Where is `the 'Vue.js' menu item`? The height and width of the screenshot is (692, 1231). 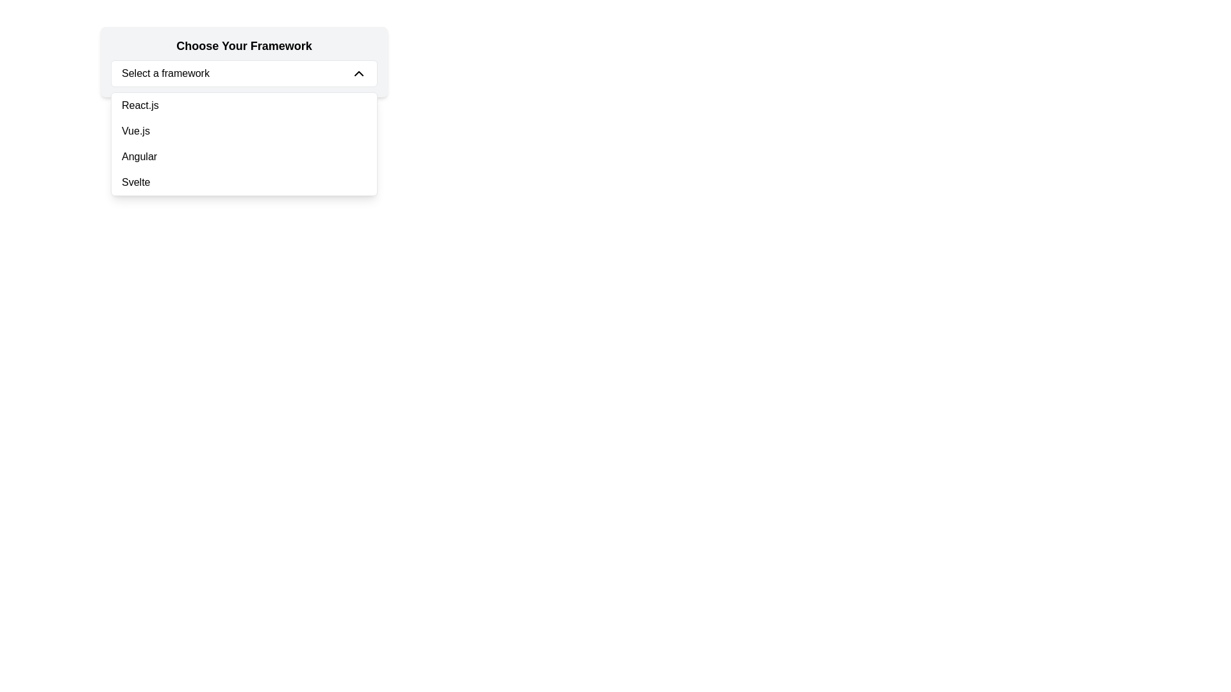
the 'Vue.js' menu item is located at coordinates (244, 131).